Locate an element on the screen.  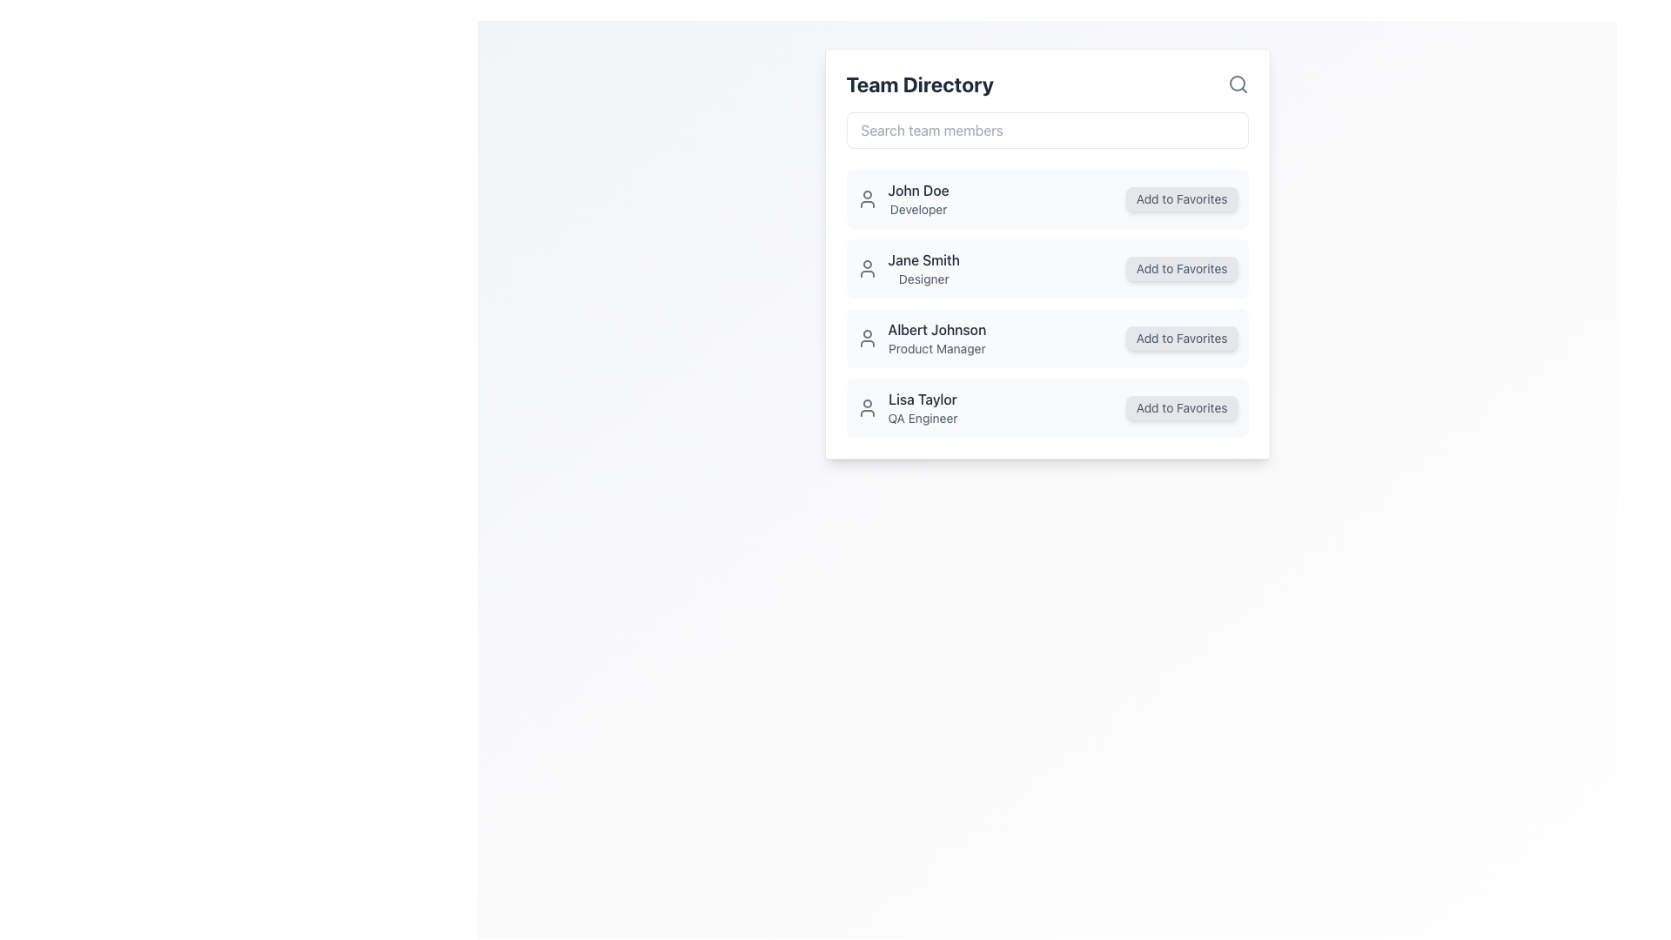
the fourth item in the vertically aligned list of the 'Team Directory' interface, which displays the name and role of a team member is located at coordinates (922, 408).